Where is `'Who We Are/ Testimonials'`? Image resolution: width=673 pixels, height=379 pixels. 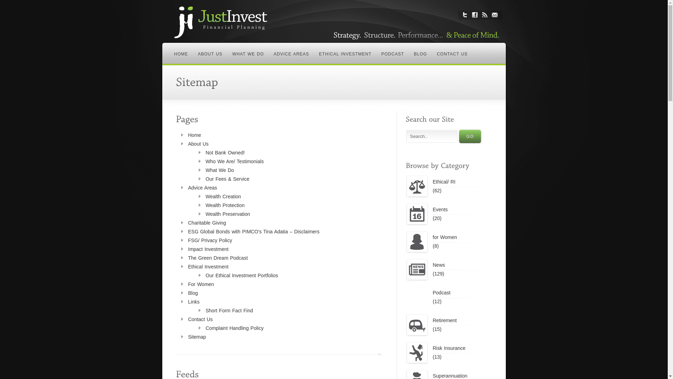 'Who We Are/ Testimonials' is located at coordinates (234, 161).